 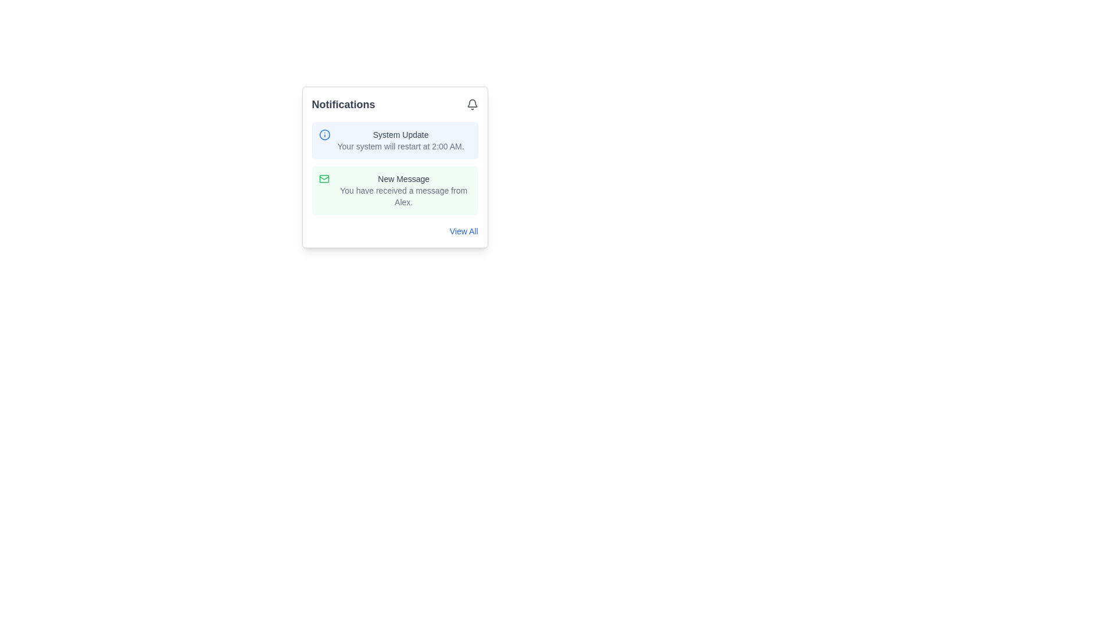 I want to click on the 'View All' link in blue color located at the bottom-right corner of the notification pop-up box, so click(x=463, y=231).